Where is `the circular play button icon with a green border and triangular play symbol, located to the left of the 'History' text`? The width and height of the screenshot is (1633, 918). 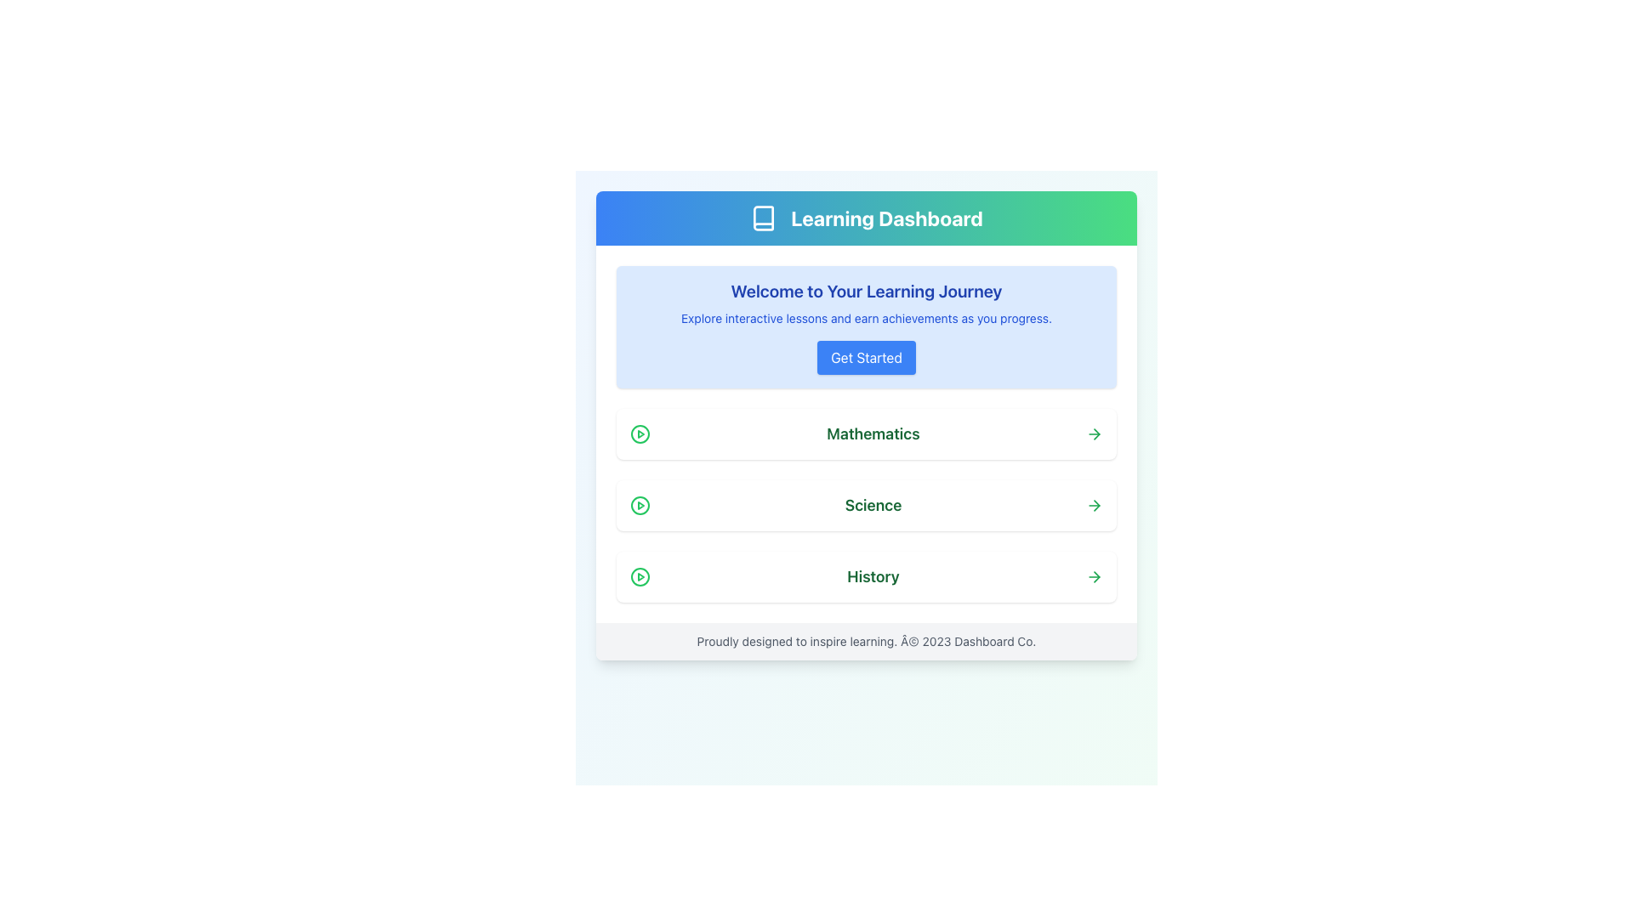
the circular play button icon with a green border and triangular play symbol, located to the left of the 'History' text is located at coordinates (640, 575).